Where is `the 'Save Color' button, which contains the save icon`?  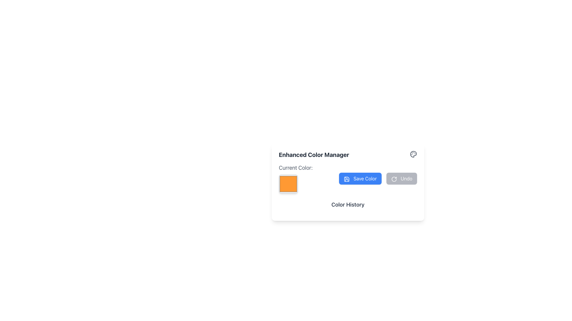 the 'Save Color' button, which contains the save icon is located at coordinates (347, 179).